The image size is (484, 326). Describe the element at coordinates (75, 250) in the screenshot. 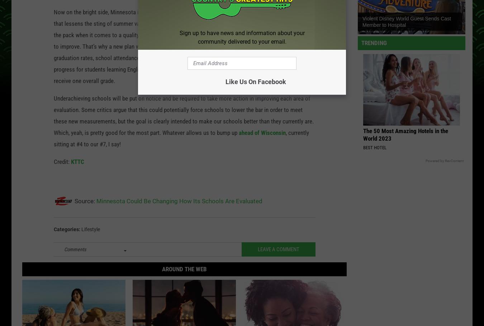

I see `'Comments'` at that location.